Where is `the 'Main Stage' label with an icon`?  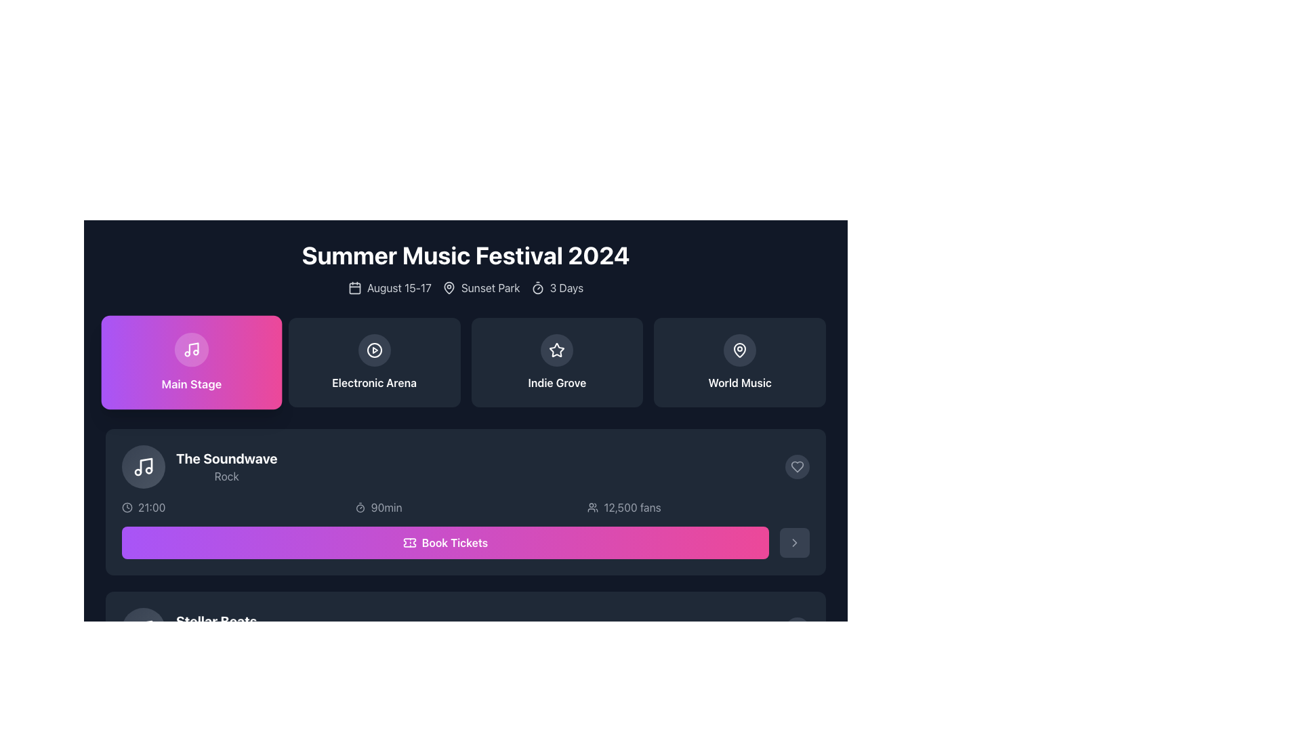
the 'Main Stage' label with an icon is located at coordinates (190, 362).